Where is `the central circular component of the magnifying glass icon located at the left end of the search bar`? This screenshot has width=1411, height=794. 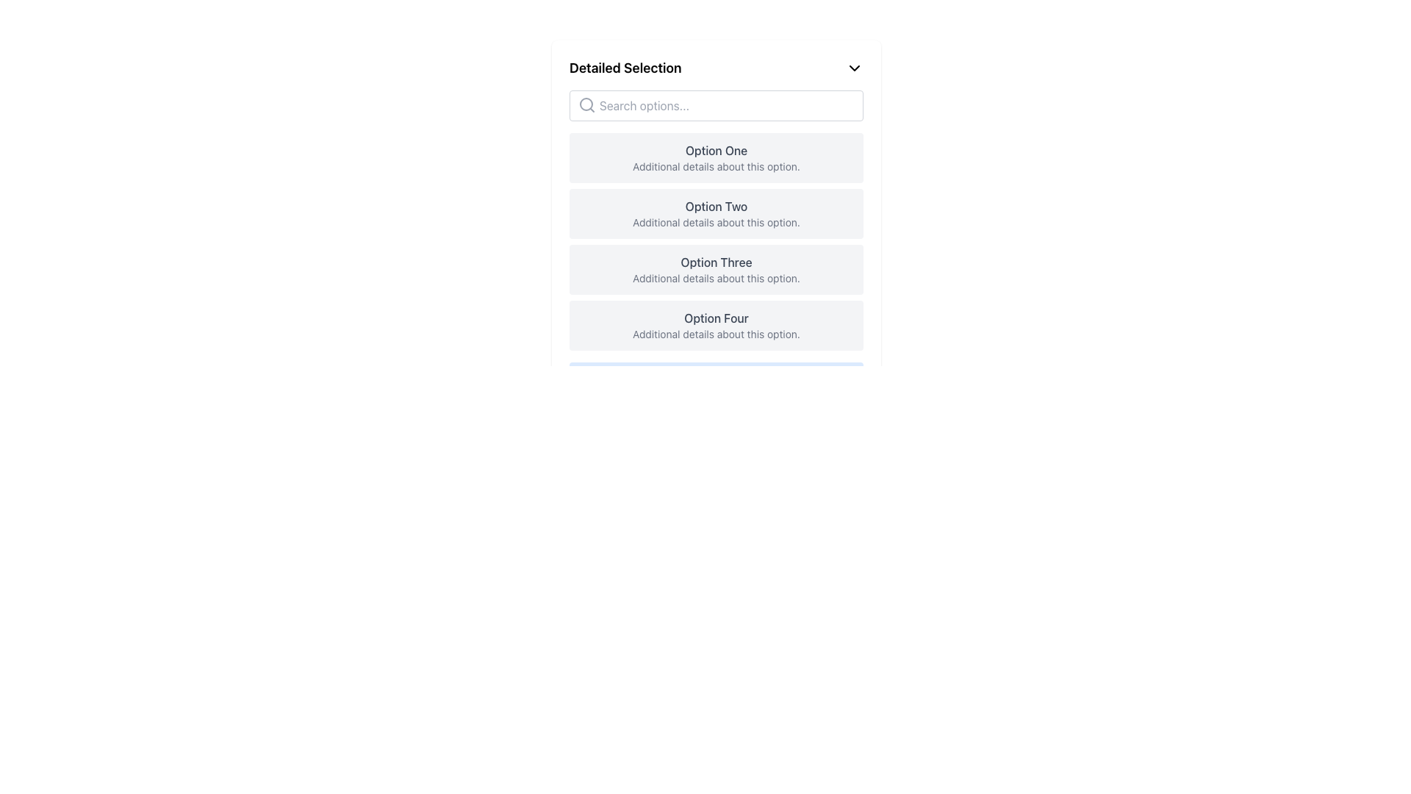
the central circular component of the magnifying glass icon located at the left end of the search bar is located at coordinates (585, 104).